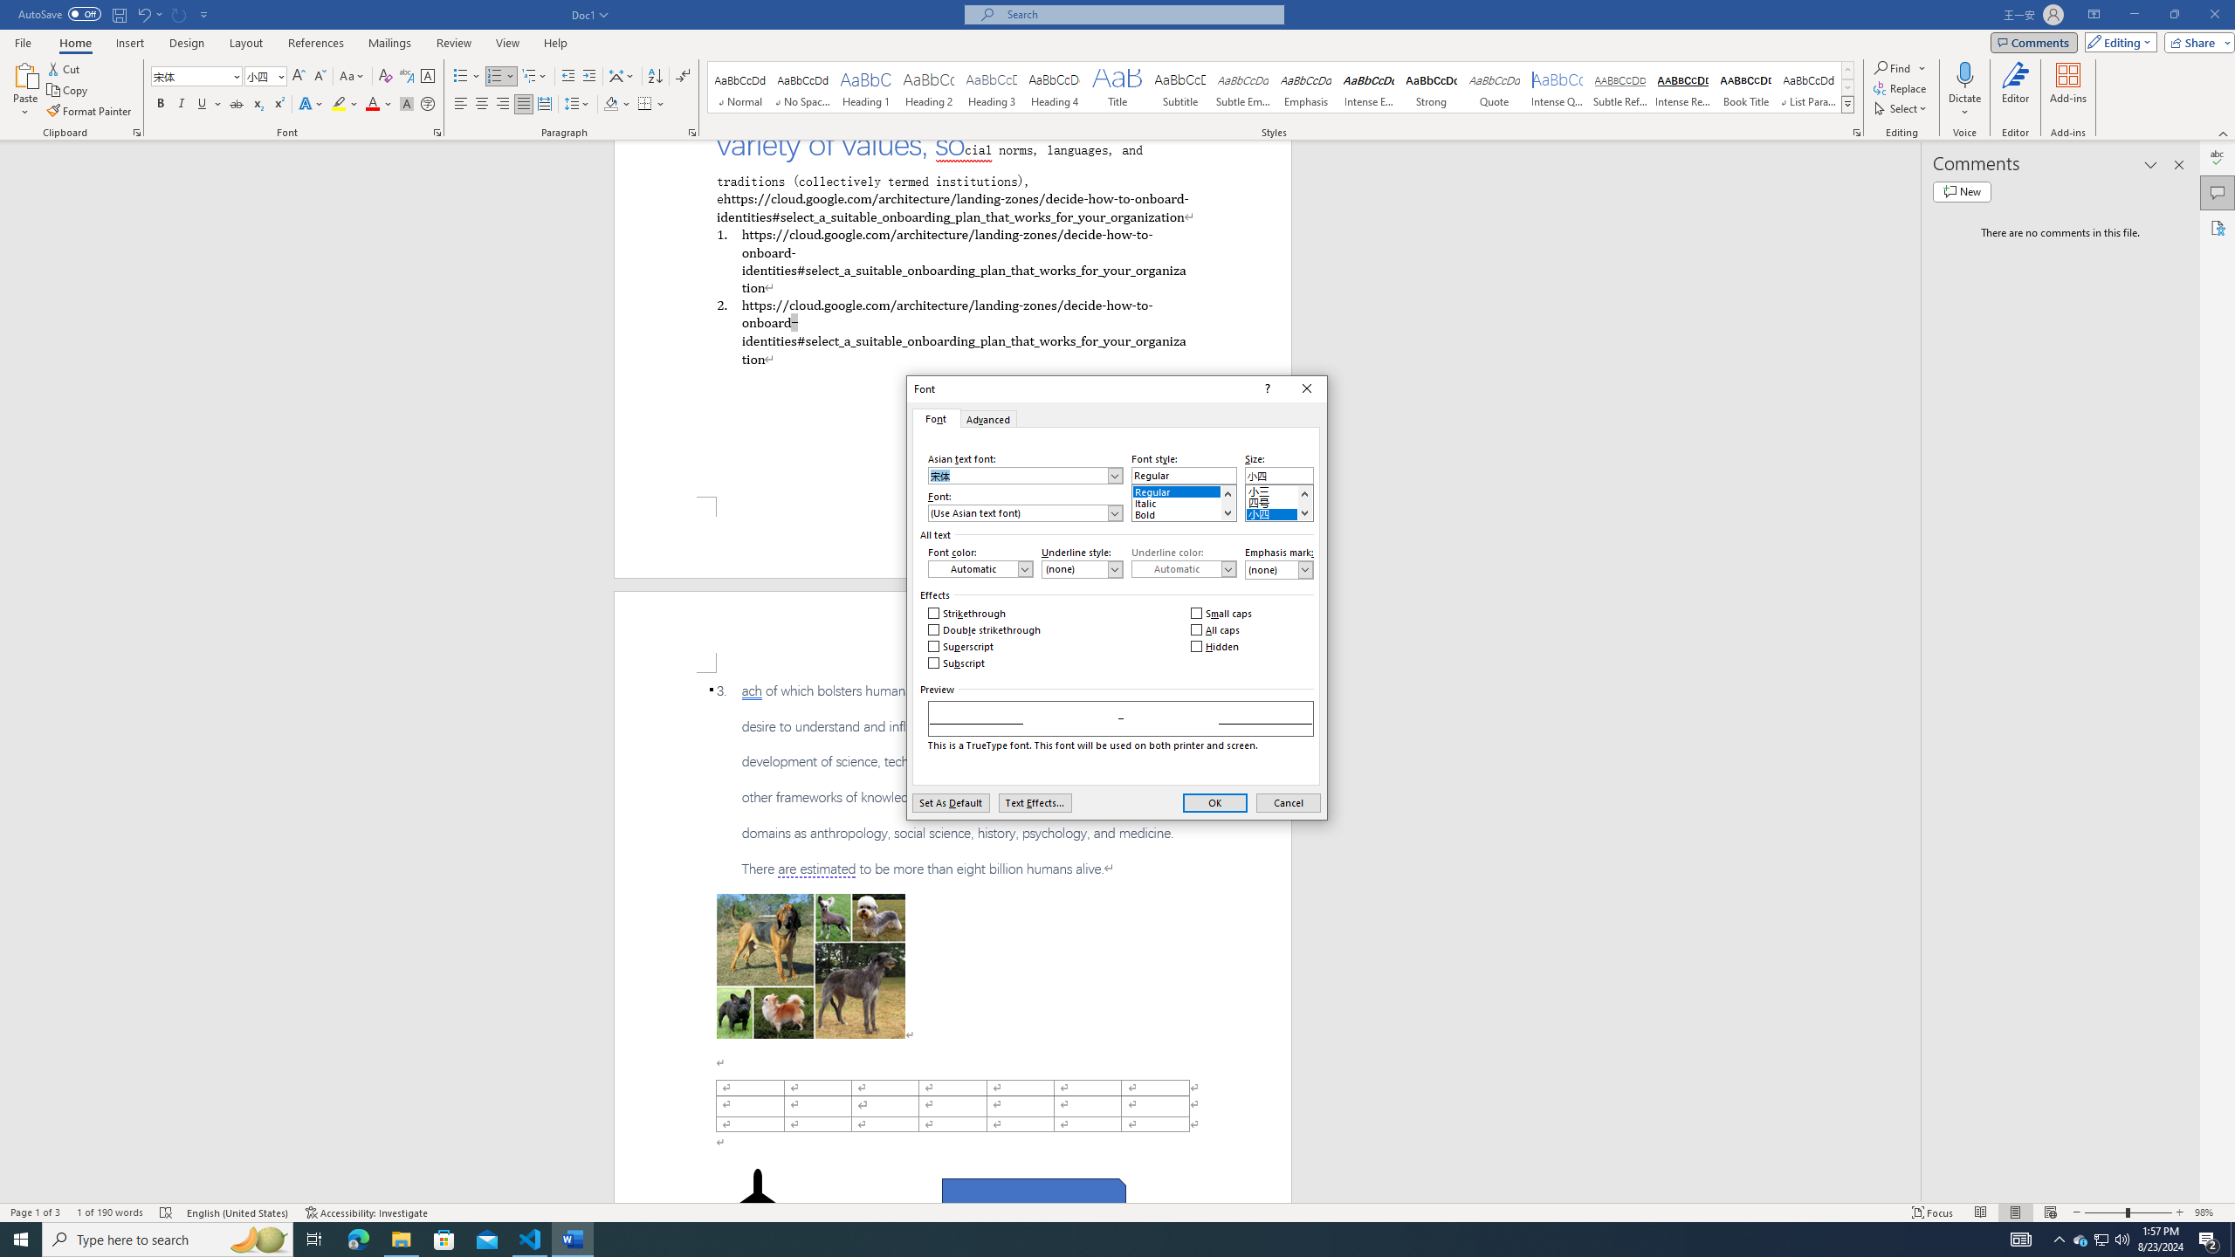 The image size is (2235, 1257). What do you see at coordinates (691, 131) in the screenshot?
I see `'Paragraph...'` at bounding box center [691, 131].